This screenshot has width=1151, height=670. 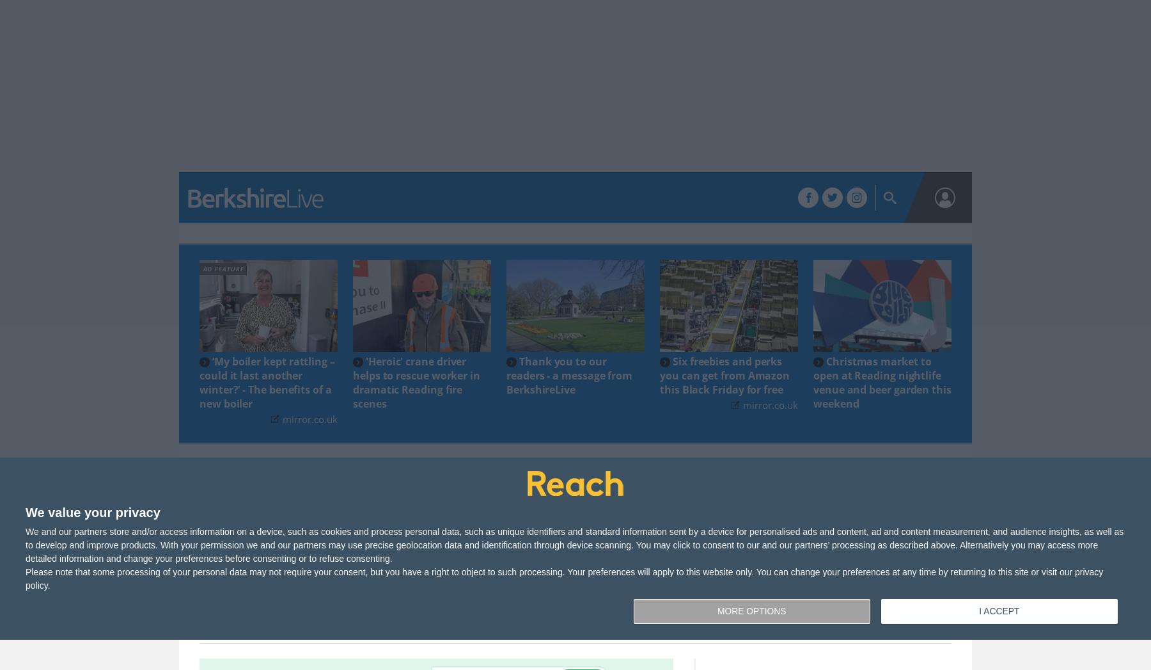 I want to click on 'What's On', so click(x=518, y=198).